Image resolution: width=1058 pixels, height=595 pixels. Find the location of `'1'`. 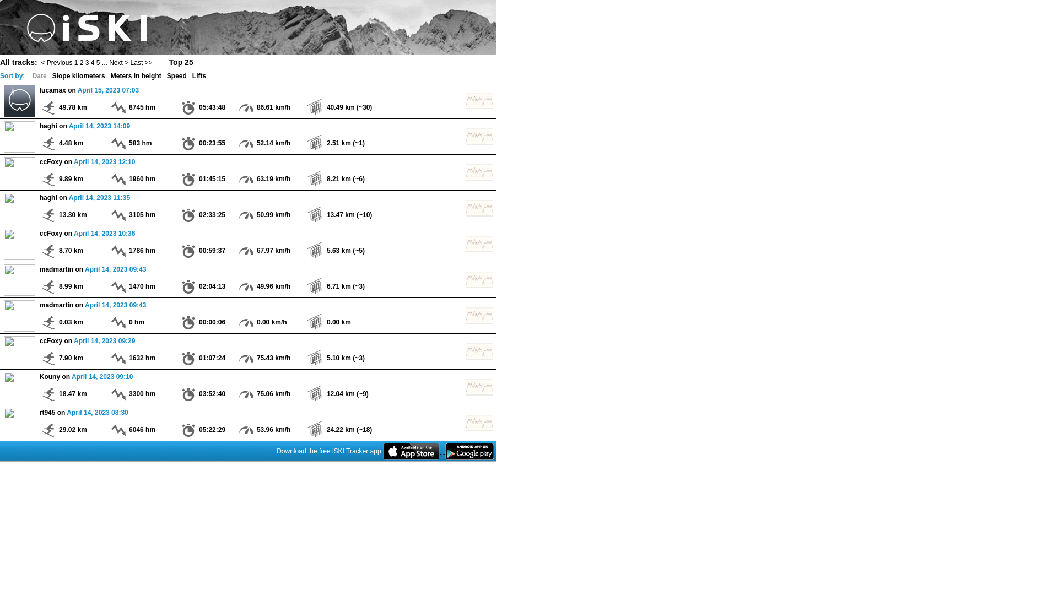

'1' is located at coordinates (75, 62).